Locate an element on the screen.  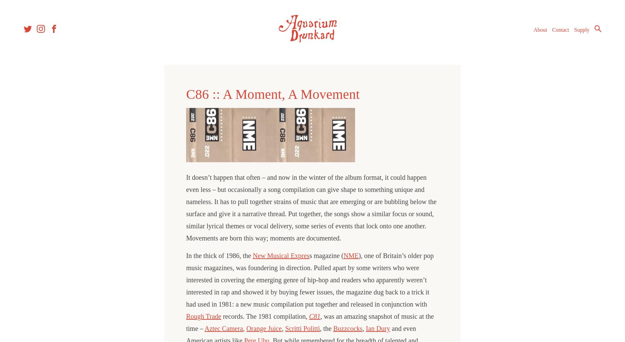
'NME' is located at coordinates (350, 255).